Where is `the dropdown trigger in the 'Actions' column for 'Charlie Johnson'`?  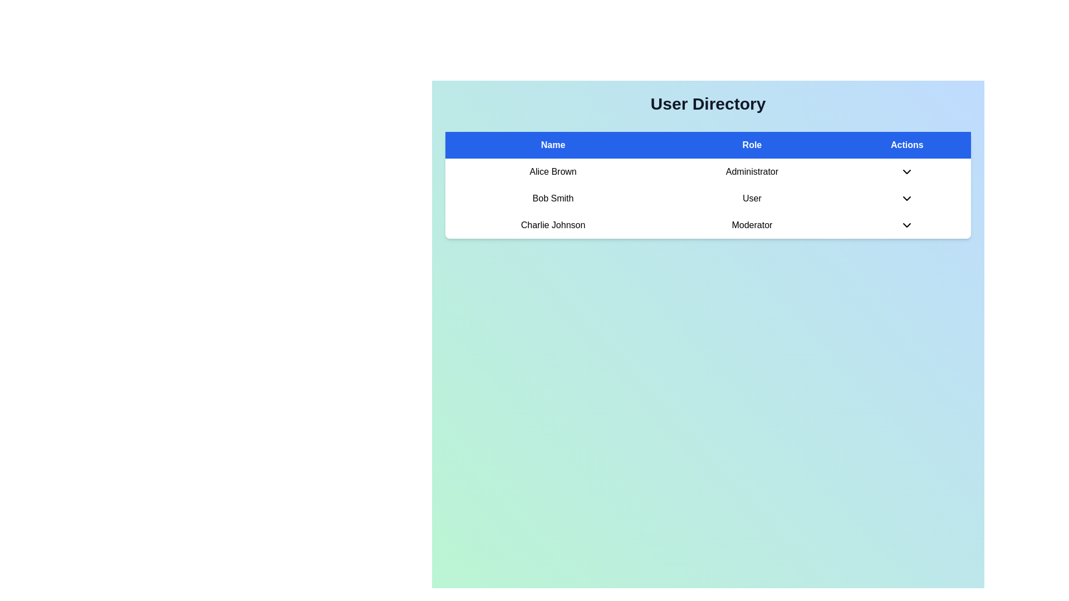 the dropdown trigger in the 'Actions' column for 'Charlie Johnson' is located at coordinates (907, 225).